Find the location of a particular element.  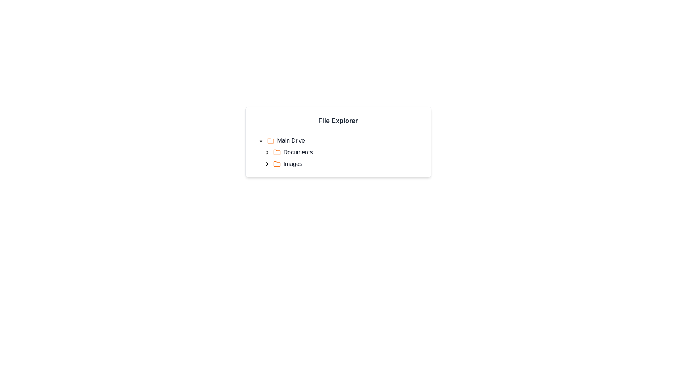

the chevron icon pointing downwards, located next to the text 'Main Drive' is located at coordinates (261, 141).